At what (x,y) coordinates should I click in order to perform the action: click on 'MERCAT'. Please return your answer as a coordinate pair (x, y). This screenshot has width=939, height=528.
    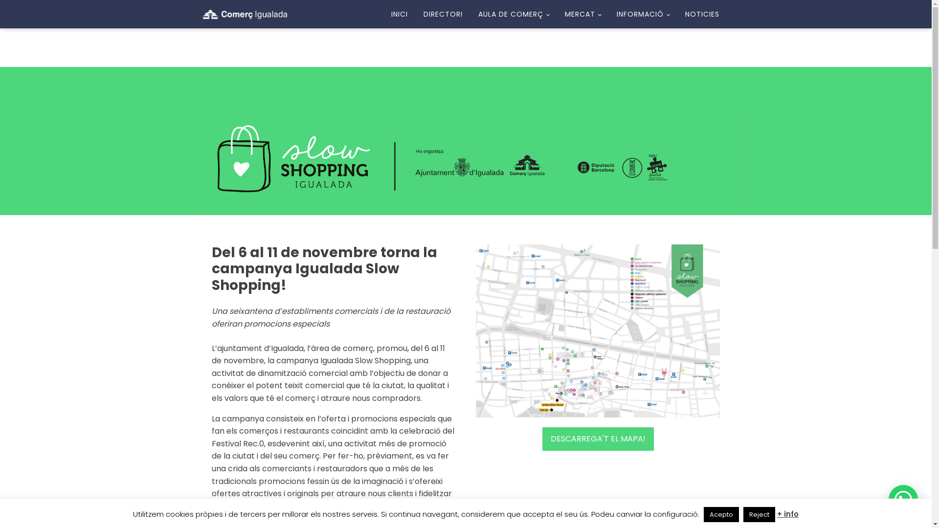
    Looking at the image, I should click on (557, 14).